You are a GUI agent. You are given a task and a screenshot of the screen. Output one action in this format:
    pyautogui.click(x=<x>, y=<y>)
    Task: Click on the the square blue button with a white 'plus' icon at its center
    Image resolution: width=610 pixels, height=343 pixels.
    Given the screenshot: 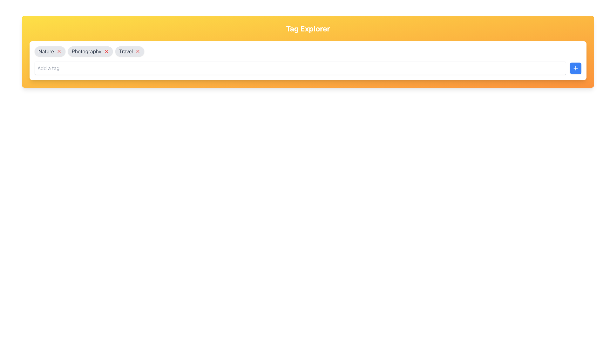 What is the action you would take?
    pyautogui.click(x=575, y=68)
    